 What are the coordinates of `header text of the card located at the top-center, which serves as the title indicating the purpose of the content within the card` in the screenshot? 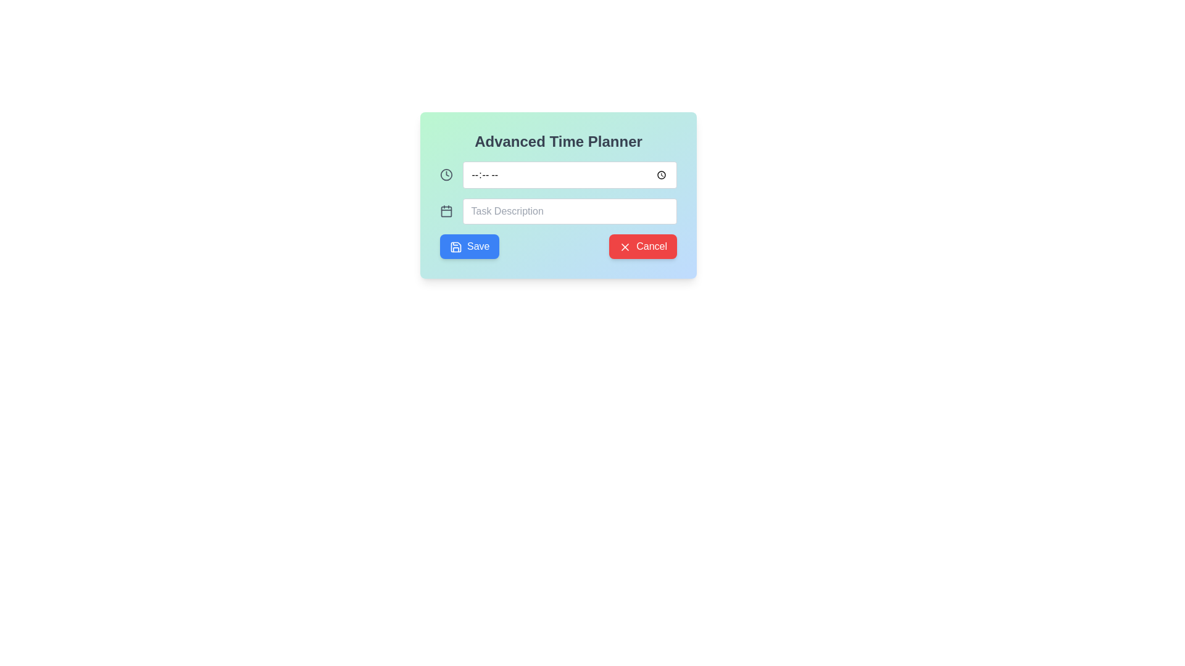 It's located at (558, 141).